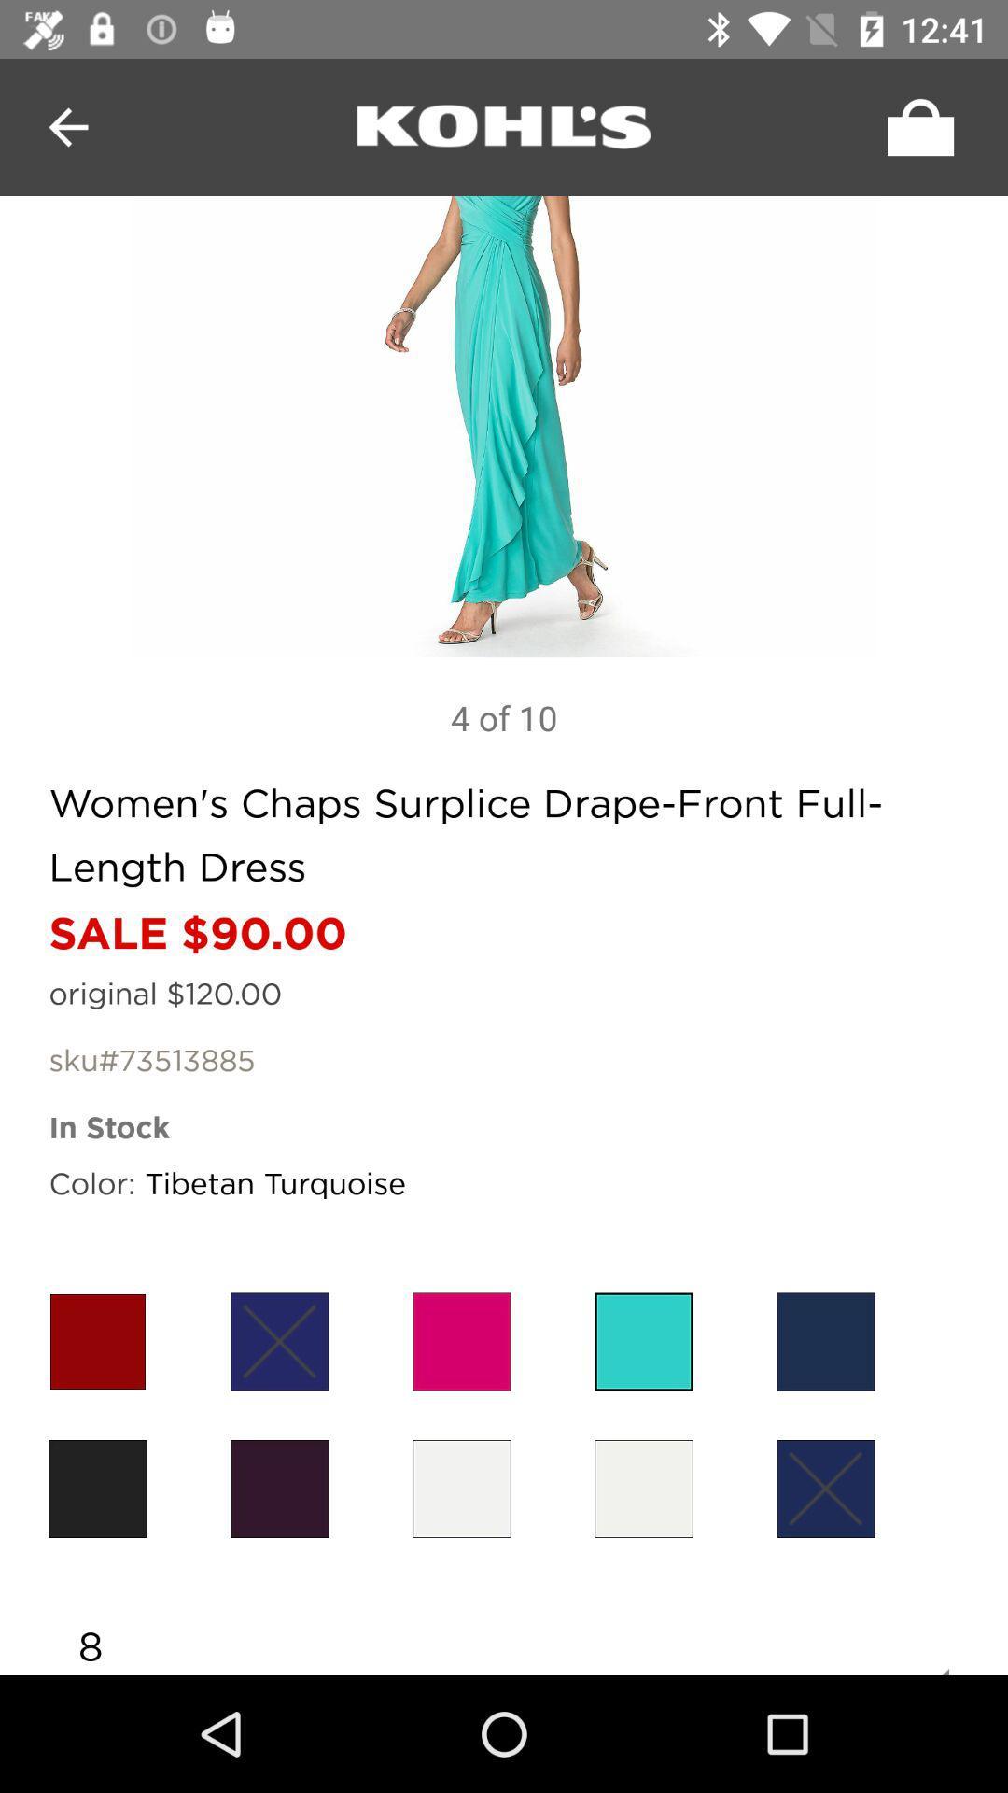 Image resolution: width=1008 pixels, height=1793 pixels. What do you see at coordinates (97, 1488) in the screenshot?
I see `color options` at bounding box center [97, 1488].